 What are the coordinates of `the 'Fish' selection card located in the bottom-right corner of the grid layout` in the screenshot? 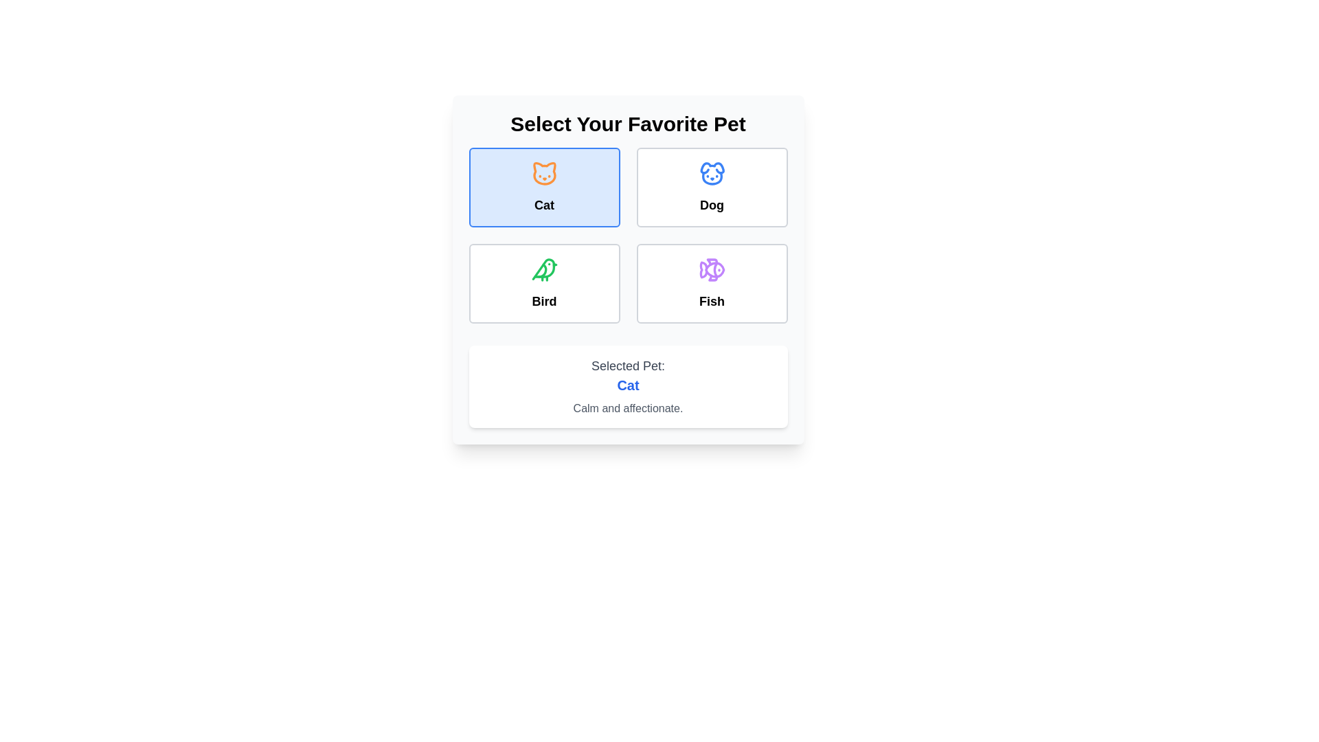 It's located at (712, 282).